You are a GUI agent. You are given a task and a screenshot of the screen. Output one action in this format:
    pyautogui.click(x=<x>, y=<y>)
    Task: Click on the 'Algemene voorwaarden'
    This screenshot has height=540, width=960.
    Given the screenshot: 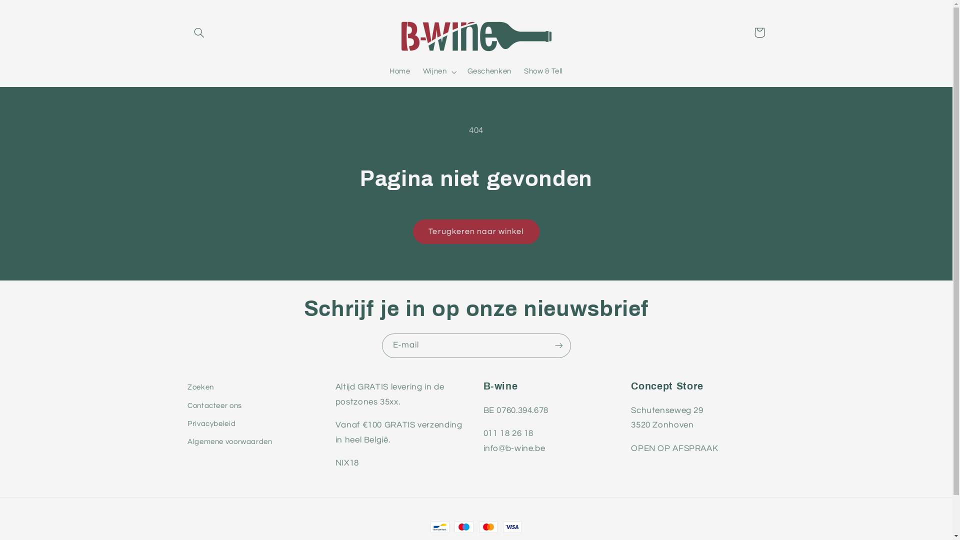 What is the action you would take?
    pyautogui.click(x=229, y=441)
    